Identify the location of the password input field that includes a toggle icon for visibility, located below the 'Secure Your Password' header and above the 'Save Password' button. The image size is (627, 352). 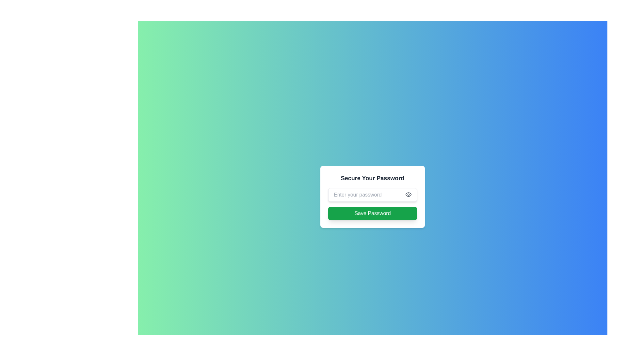
(373, 197).